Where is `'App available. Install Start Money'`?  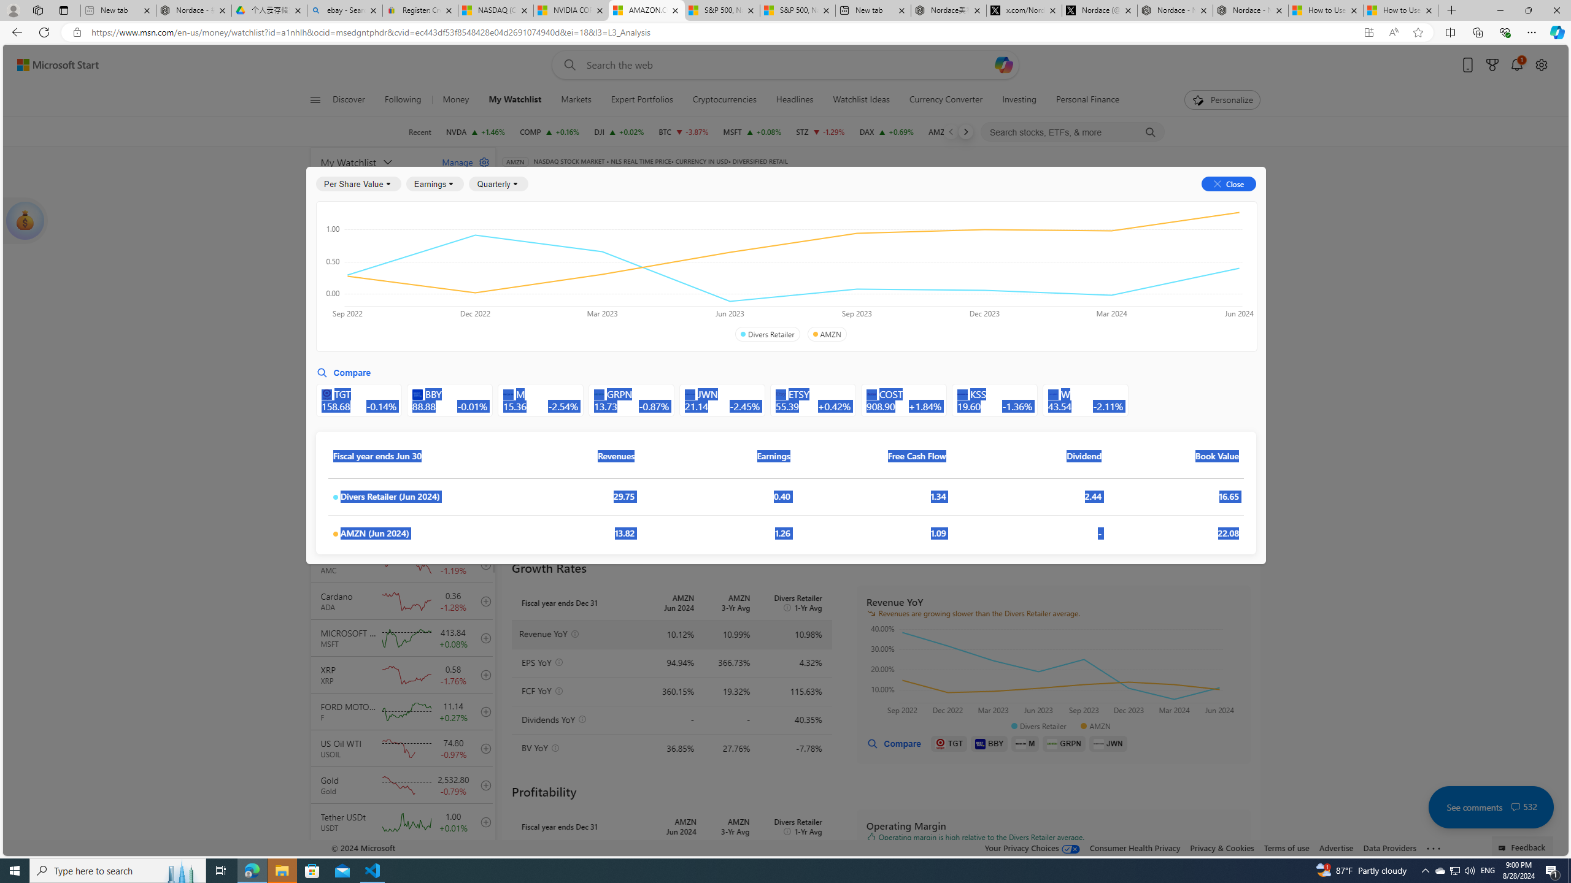
'App available. Install Start Money' is located at coordinates (1368, 32).